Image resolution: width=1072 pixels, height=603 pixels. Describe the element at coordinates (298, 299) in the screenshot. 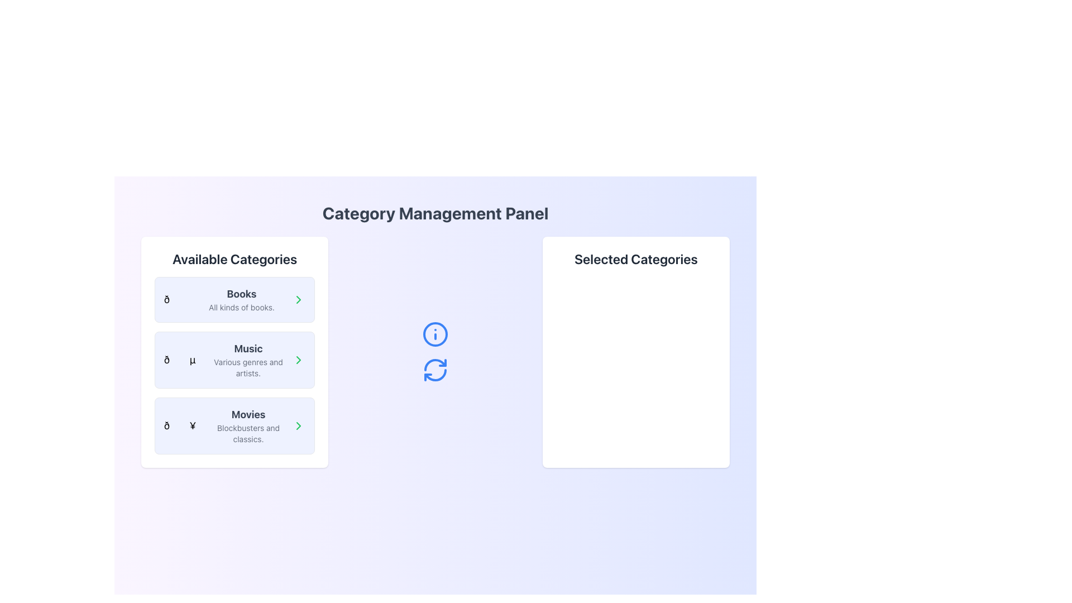

I see `the small green chevron-shaped icon located at the right edge of the 'Books' card in the 'Available Categories' section` at that location.